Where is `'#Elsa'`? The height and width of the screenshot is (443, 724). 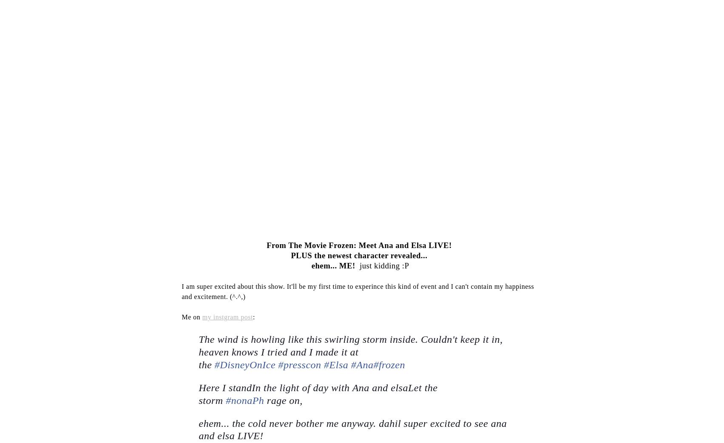
'#Elsa' is located at coordinates (336, 365).